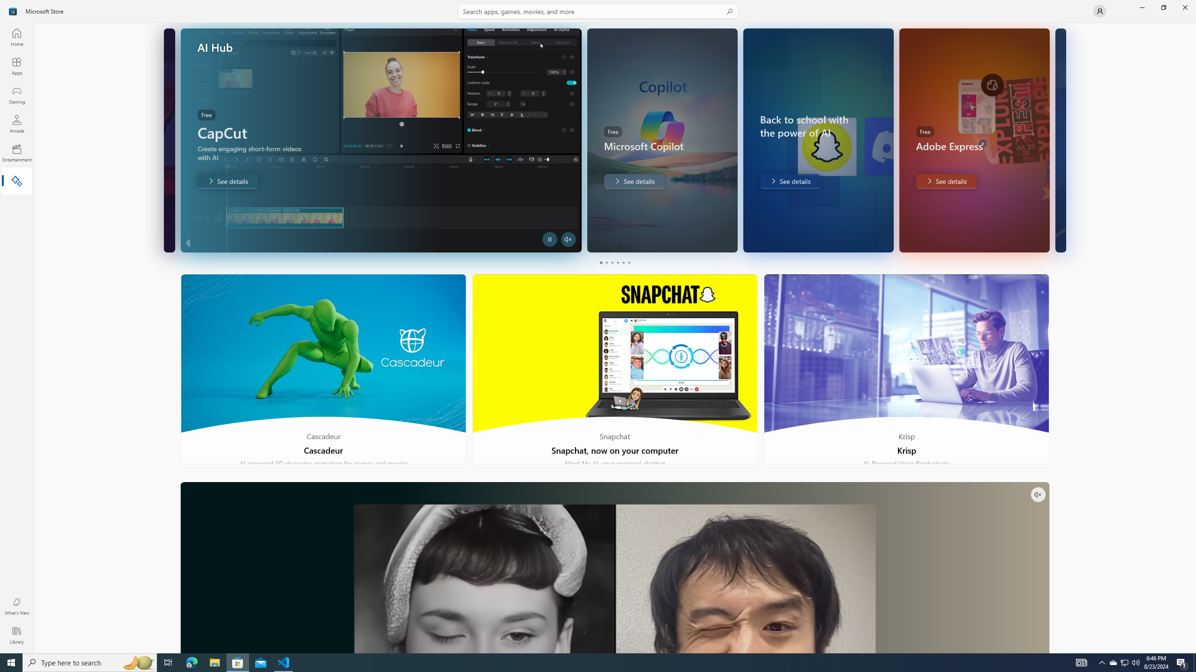 The width and height of the screenshot is (1196, 672). I want to click on 'Arcade', so click(16, 123).